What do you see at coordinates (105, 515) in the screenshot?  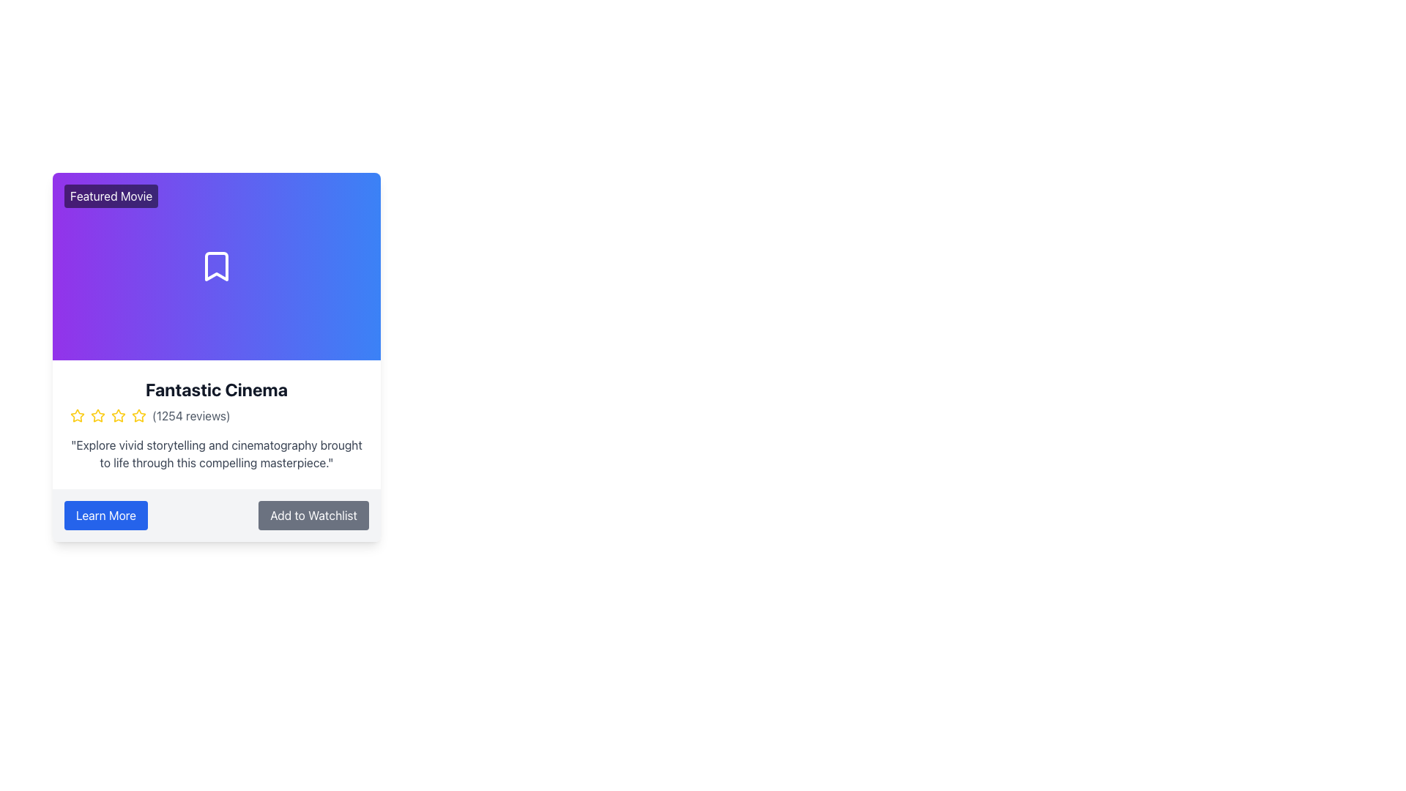 I see `the 'Learn More' button to observe the hover effect, which indicates interactivity and provides visual feedback to the user` at bounding box center [105, 515].